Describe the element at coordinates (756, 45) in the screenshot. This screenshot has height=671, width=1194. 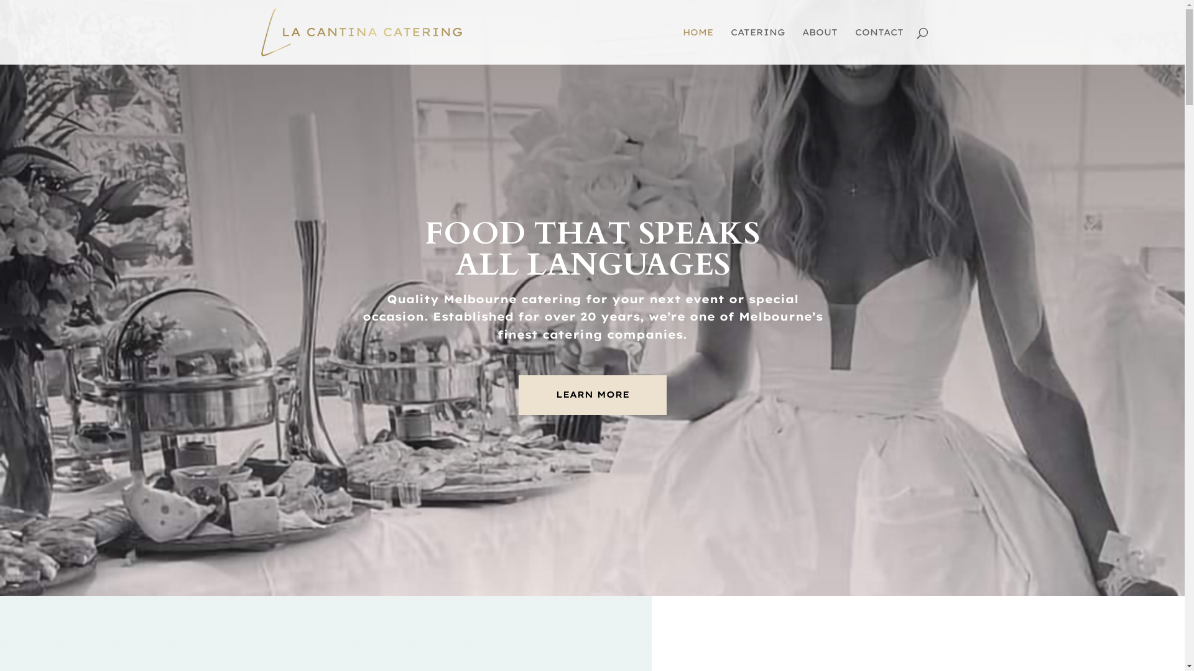
I see `'CATERING'` at that location.